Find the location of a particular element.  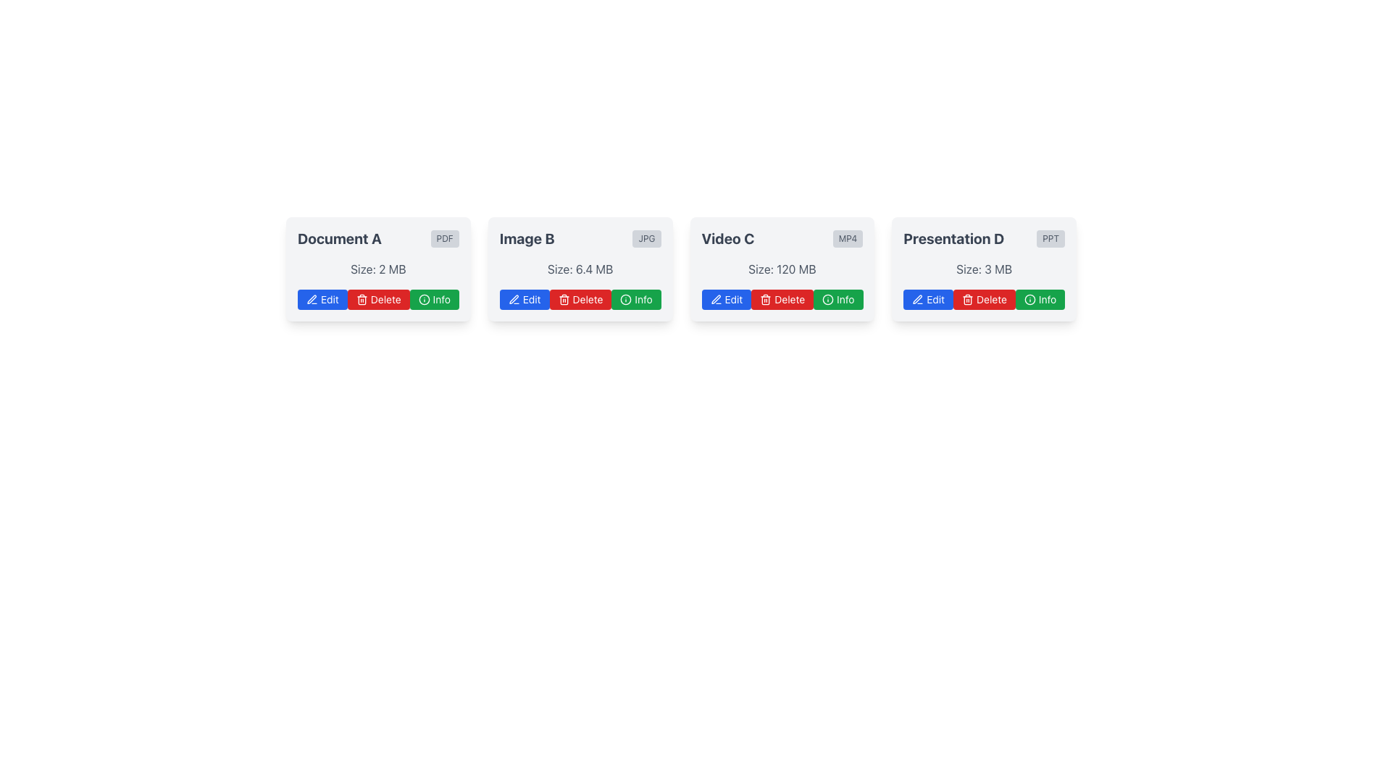

the 'Delete' button containing the trash can icon, which is located to the left of the button's text label is located at coordinates (563, 298).